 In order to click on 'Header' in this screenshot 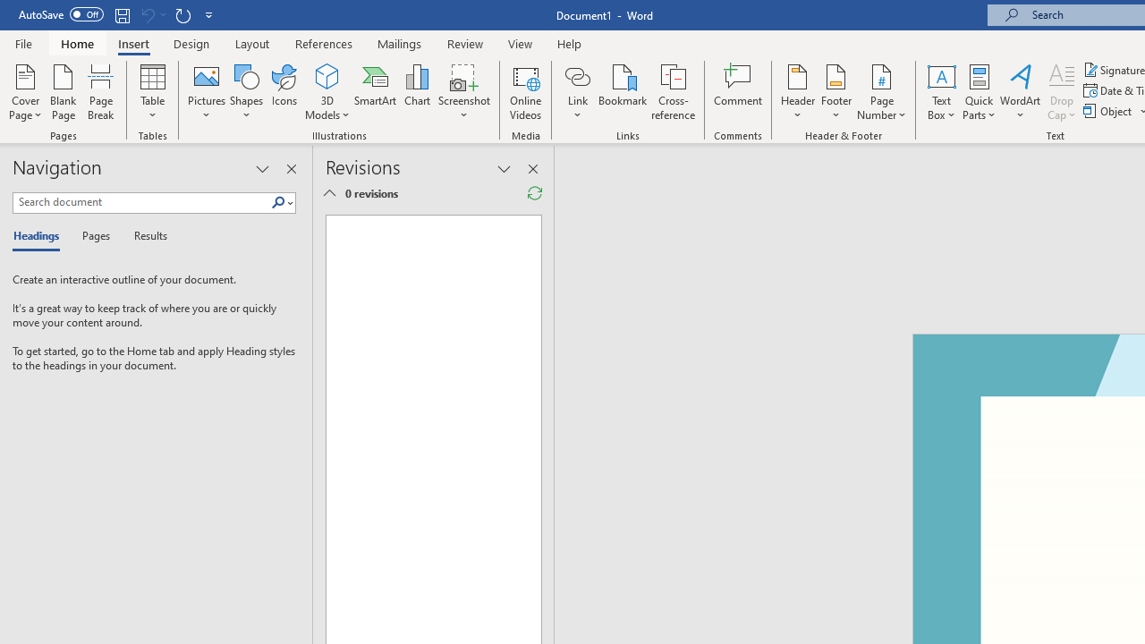, I will do `click(797, 92)`.